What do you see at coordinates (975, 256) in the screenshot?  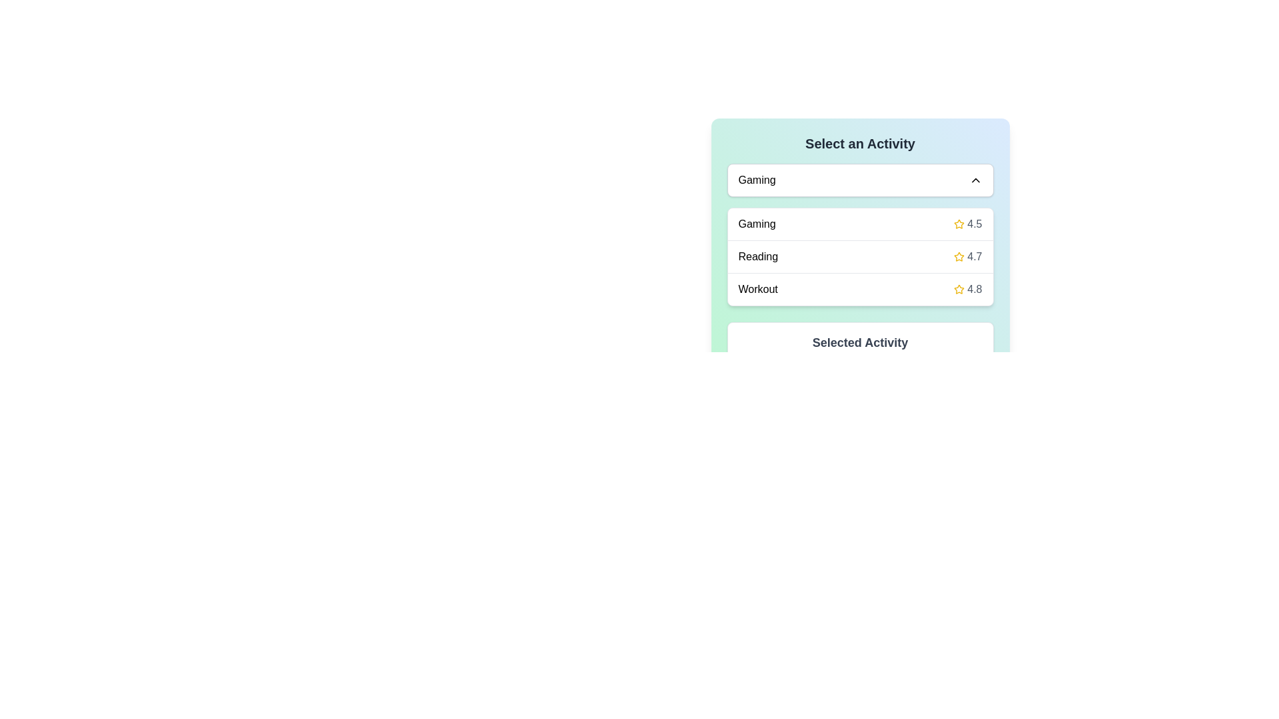 I see `the label displaying '4.7' in gray color, located in the second row of a vertical list labeled 'Reading', next to a yellow star icon` at bounding box center [975, 256].